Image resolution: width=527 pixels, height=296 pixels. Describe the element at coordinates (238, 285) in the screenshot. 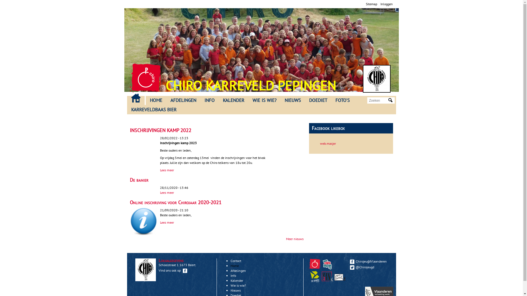

I see `'Wie is wie?'` at that location.